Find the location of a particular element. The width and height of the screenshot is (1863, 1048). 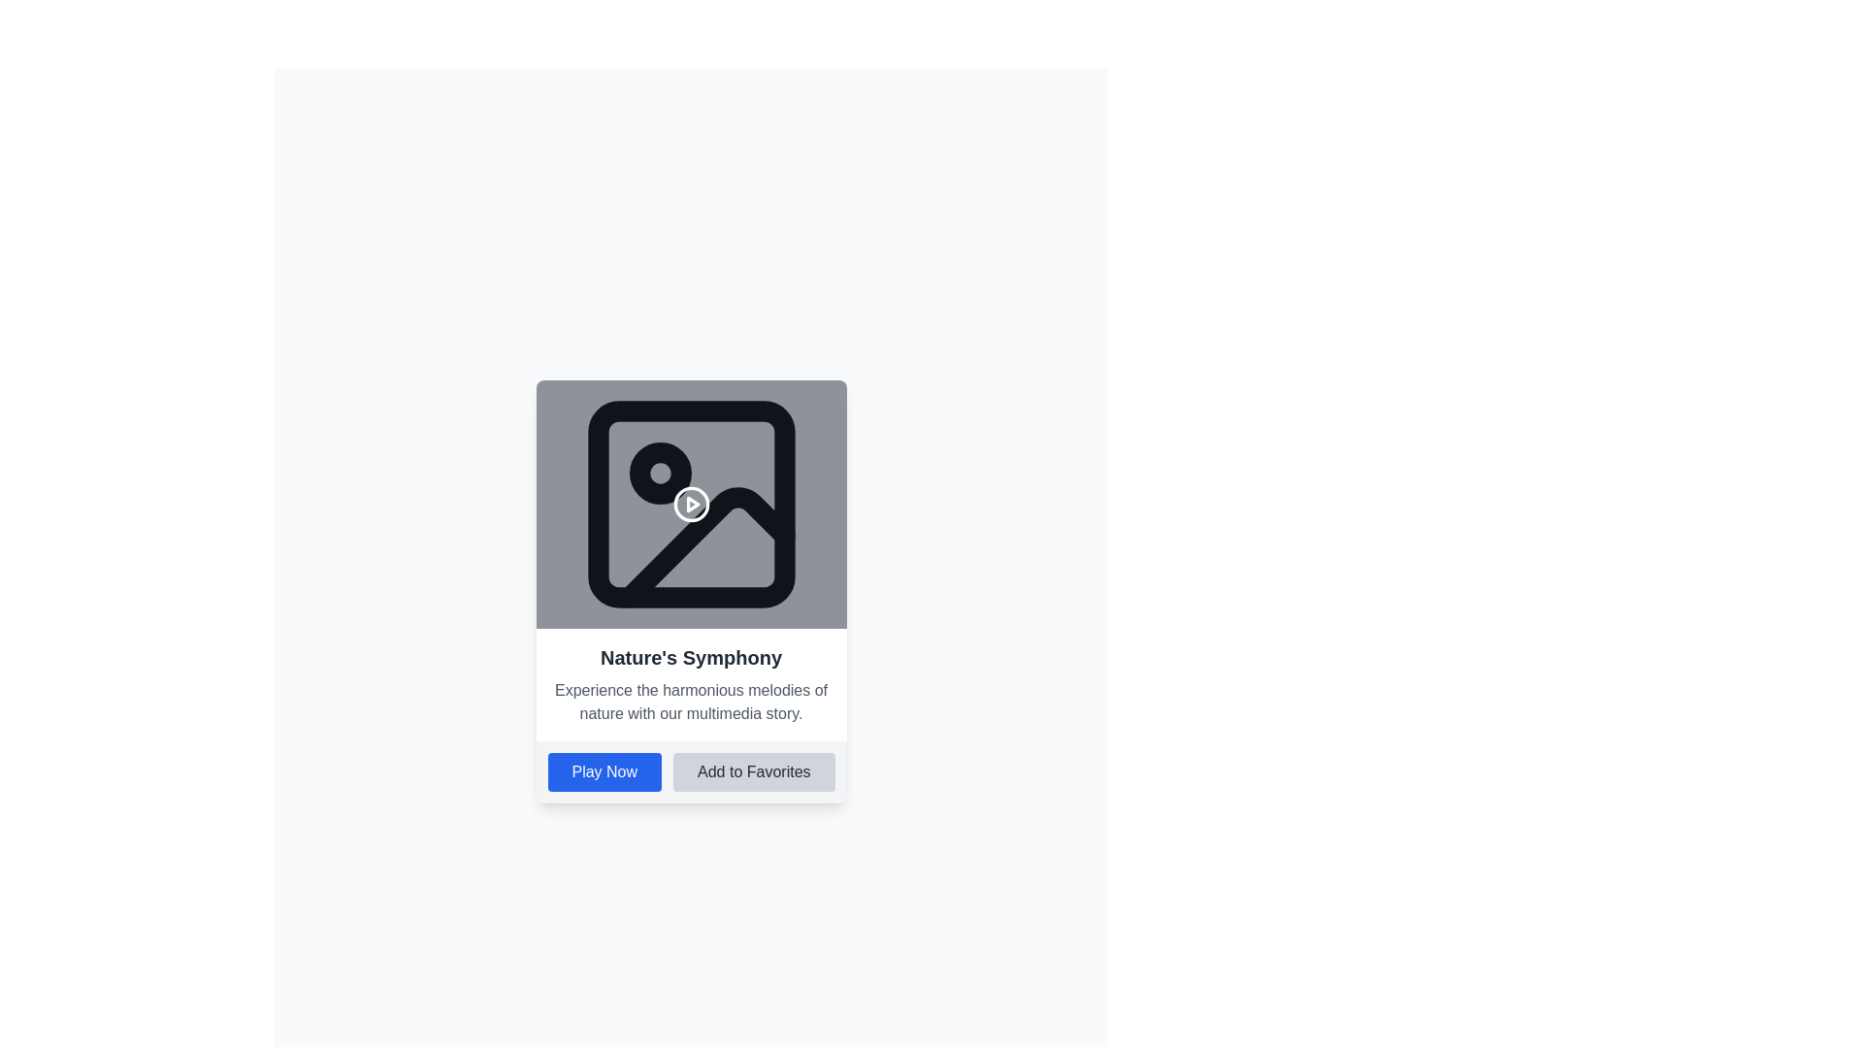

the keyboard navigation on the 'Play Now' button is located at coordinates (604, 770).